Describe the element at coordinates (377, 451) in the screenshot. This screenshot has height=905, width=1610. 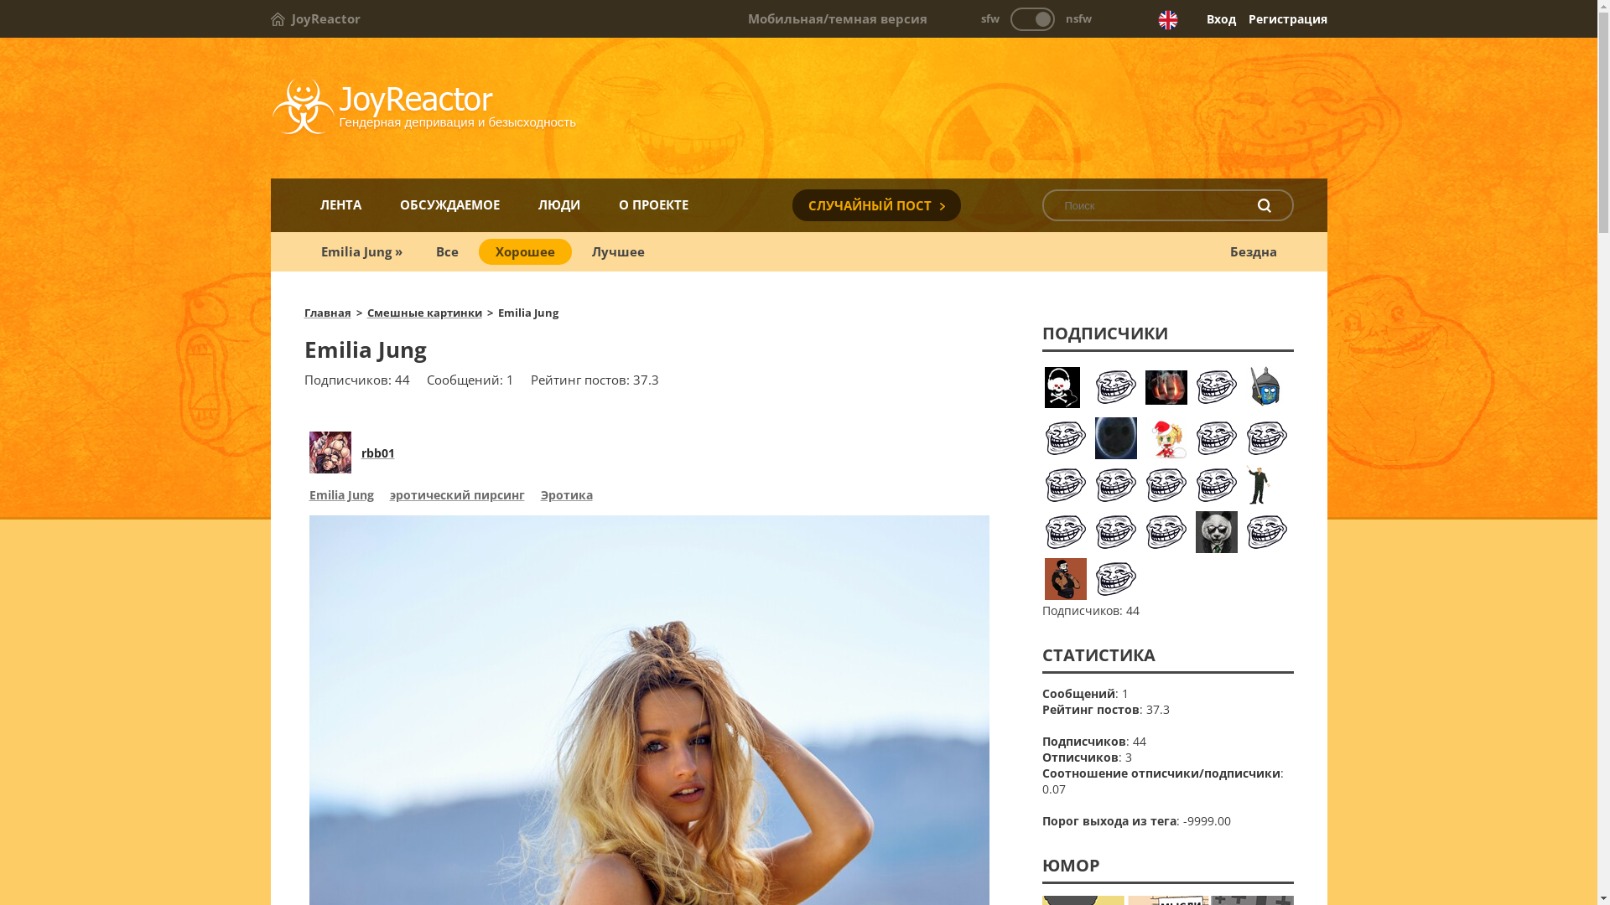
I see `'rbb01'` at that location.